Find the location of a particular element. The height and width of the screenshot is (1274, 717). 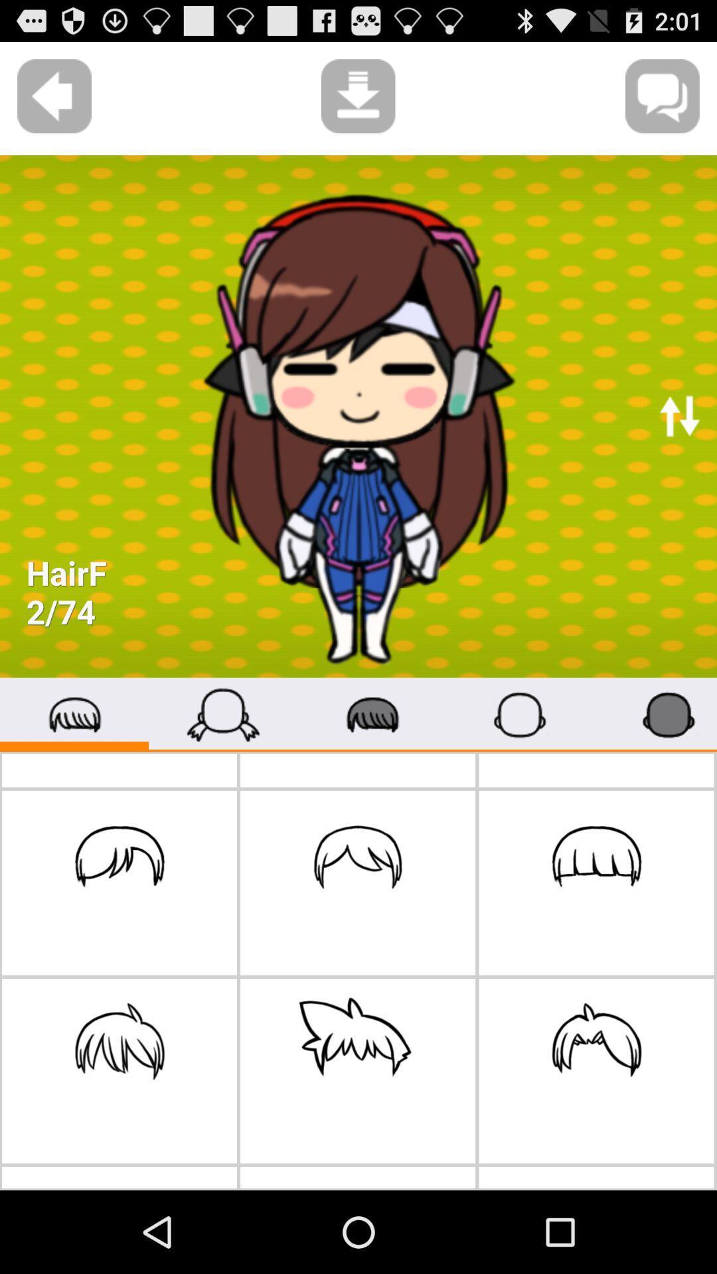

the chat icon is located at coordinates (662, 102).